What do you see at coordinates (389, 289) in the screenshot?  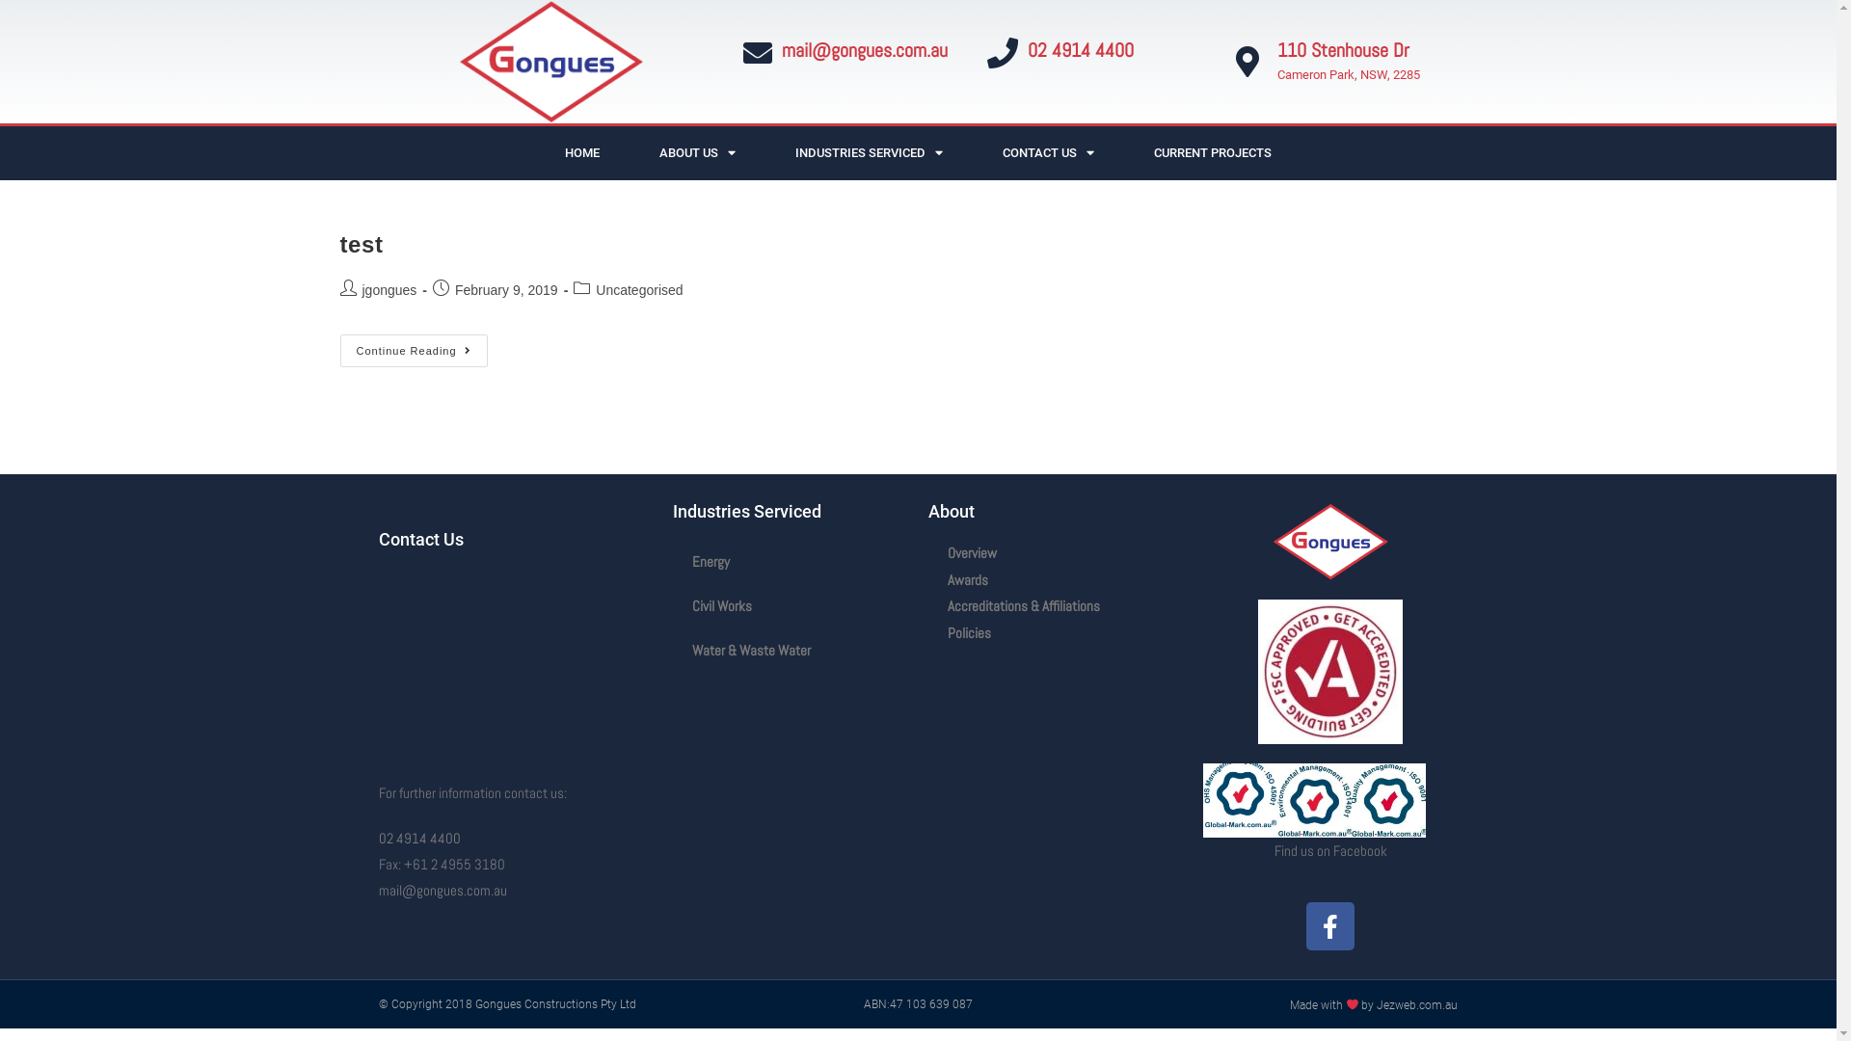 I see `'jgongues'` at bounding box center [389, 289].